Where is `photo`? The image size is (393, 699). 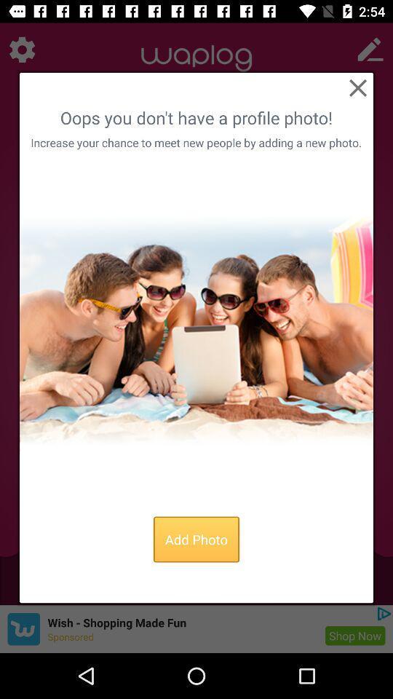 photo is located at coordinates (196, 330).